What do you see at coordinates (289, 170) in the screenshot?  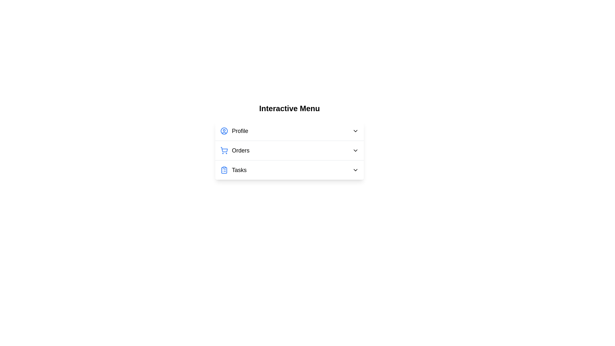 I see `the third item` at bounding box center [289, 170].